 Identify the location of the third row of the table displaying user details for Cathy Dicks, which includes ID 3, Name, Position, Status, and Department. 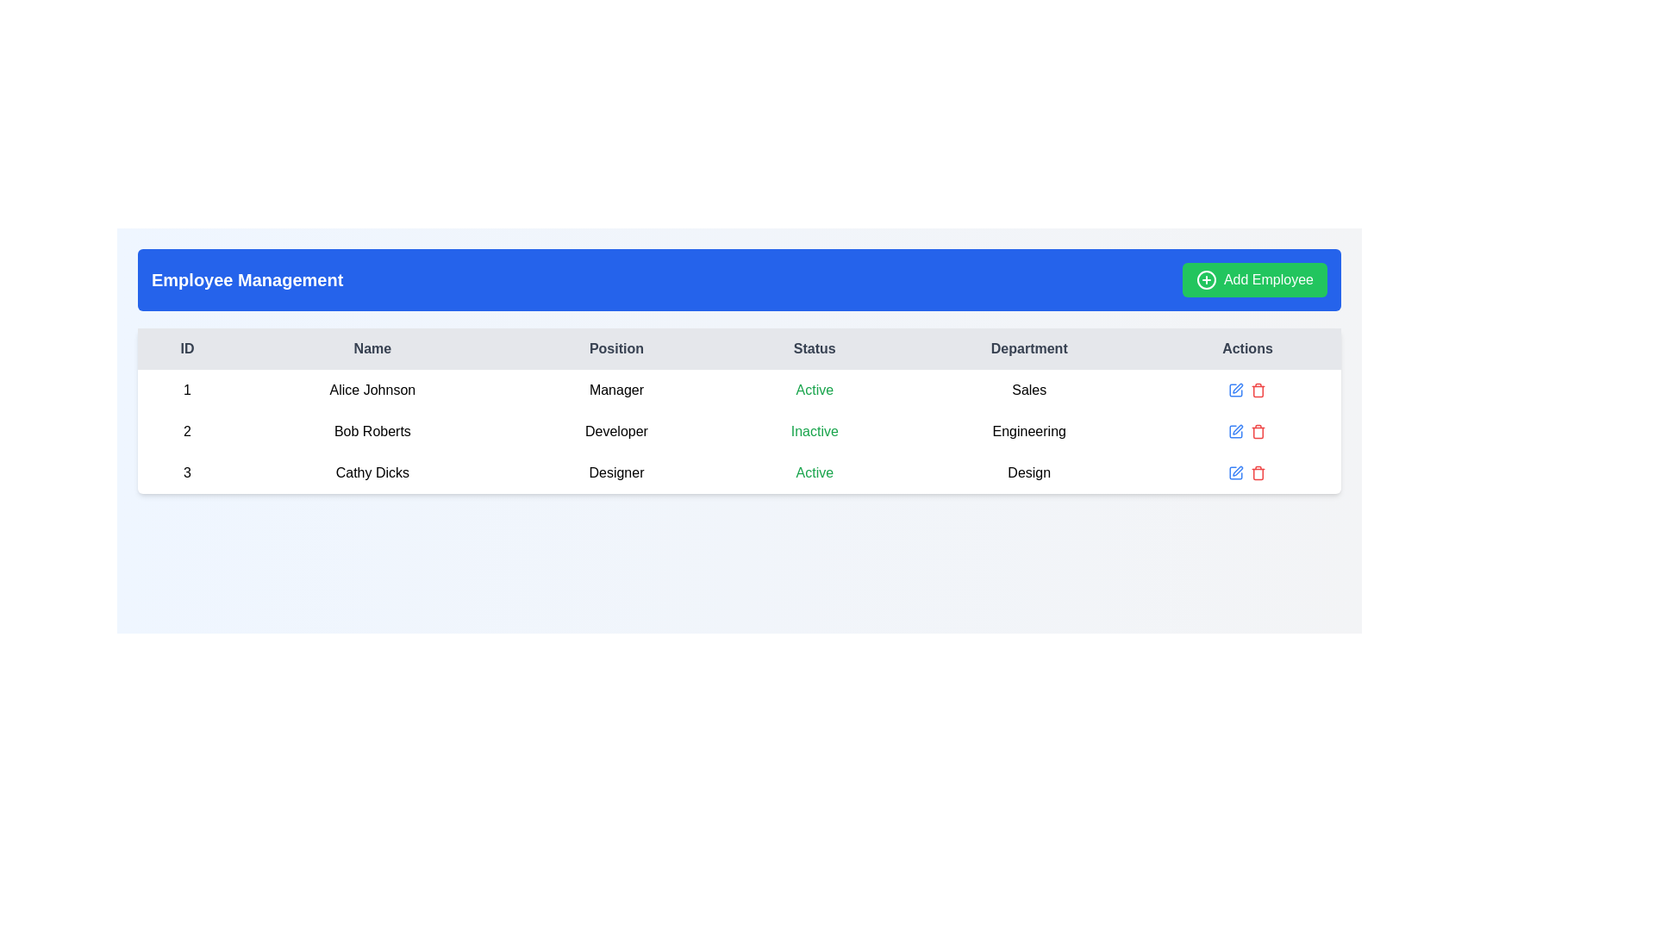
(740, 472).